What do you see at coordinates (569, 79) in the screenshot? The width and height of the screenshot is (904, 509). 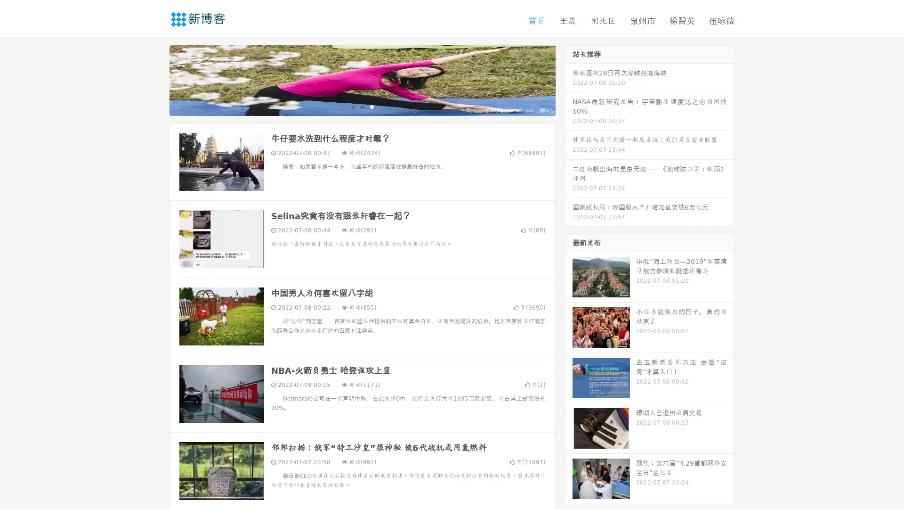 I see `Next slide` at bounding box center [569, 79].